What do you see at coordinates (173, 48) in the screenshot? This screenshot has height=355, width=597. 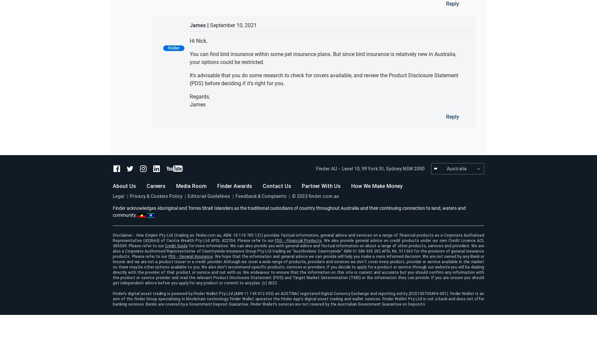 I see `'Finder'` at bounding box center [173, 48].